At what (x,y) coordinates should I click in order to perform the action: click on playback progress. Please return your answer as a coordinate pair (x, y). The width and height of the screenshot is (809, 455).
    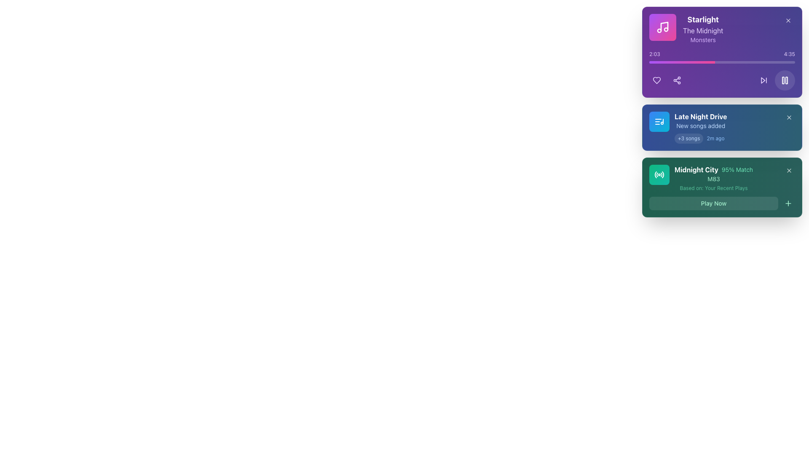
    Looking at the image, I should click on (688, 62).